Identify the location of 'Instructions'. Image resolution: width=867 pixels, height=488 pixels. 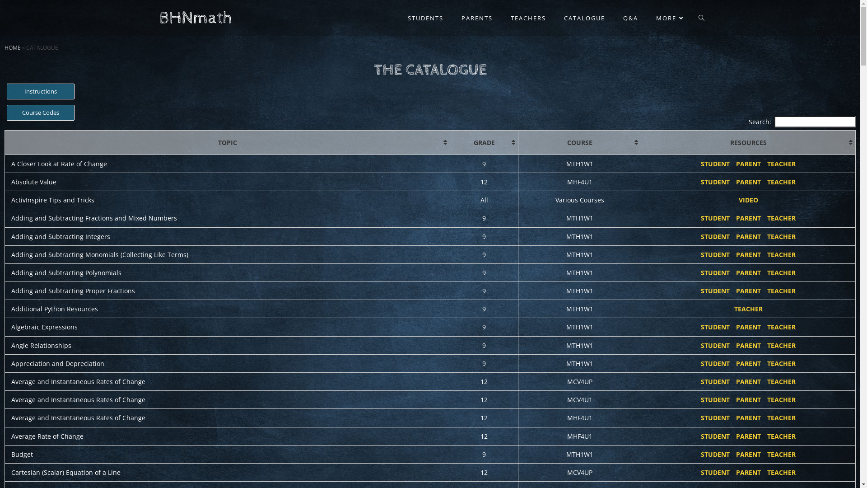
(40, 91).